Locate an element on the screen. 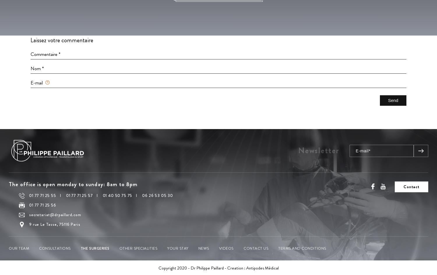  'Our Team' is located at coordinates (18, 248).